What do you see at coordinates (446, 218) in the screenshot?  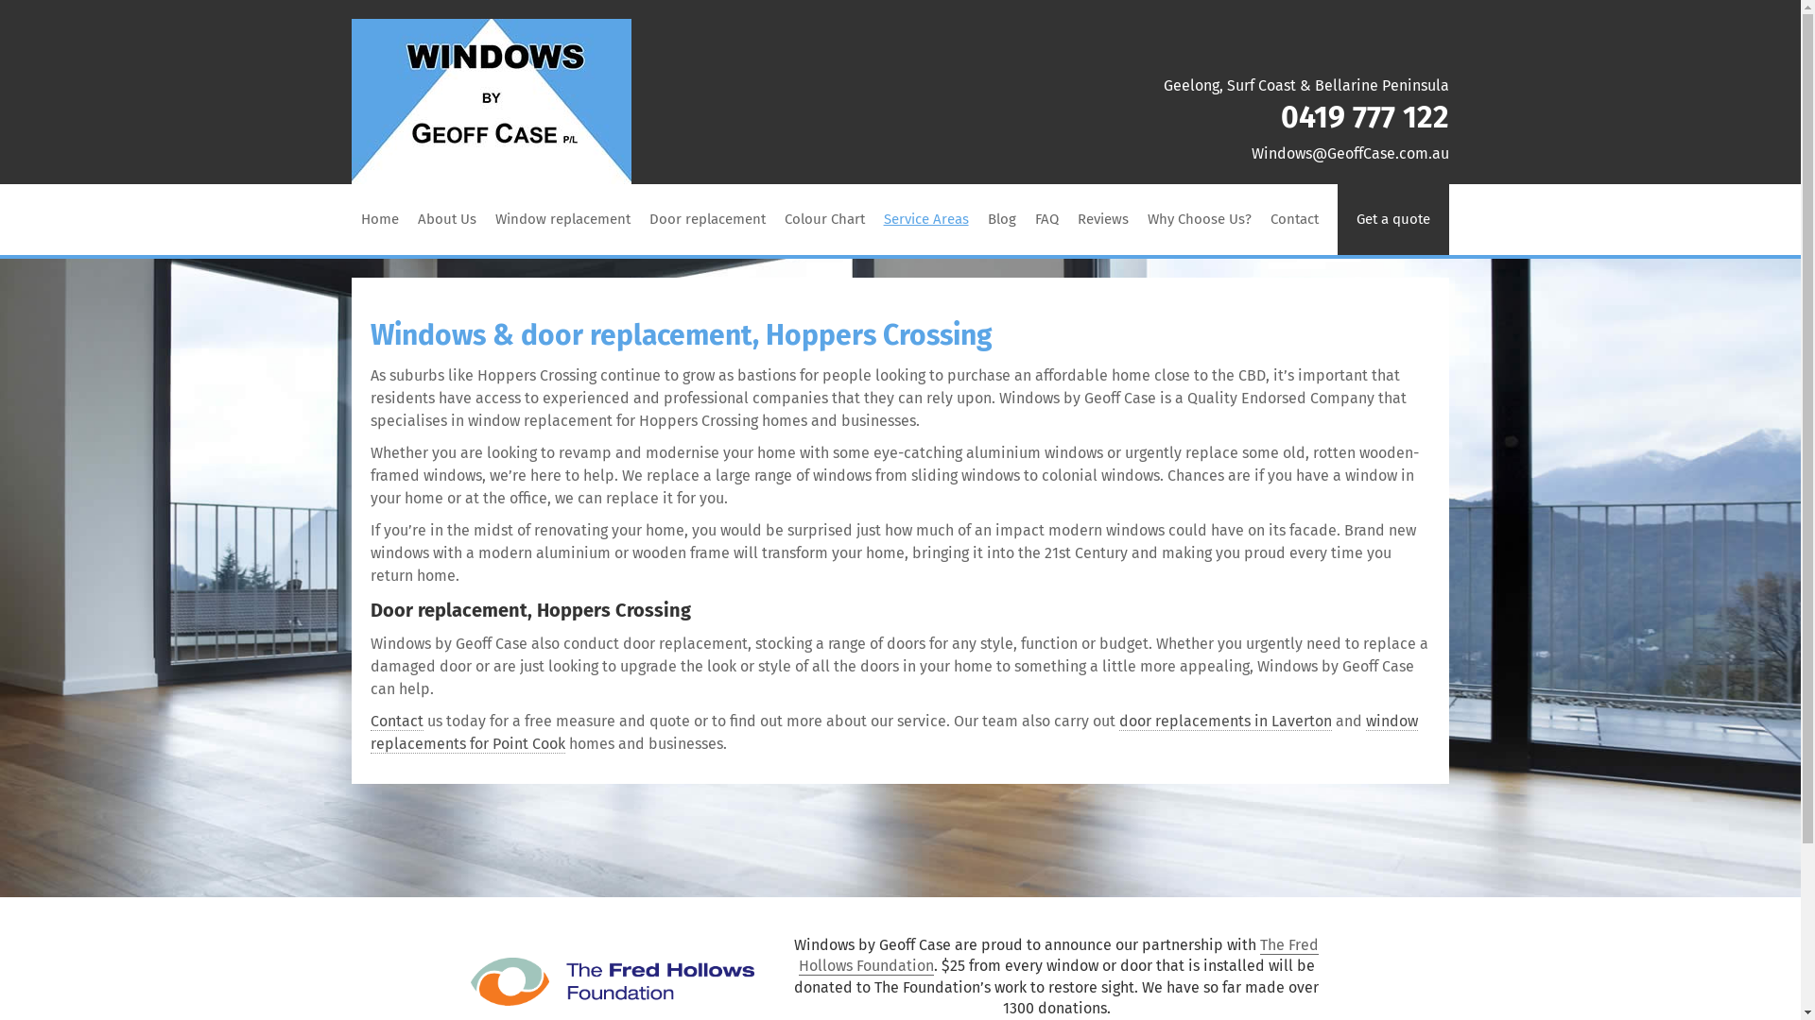 I see `'About Us'` at bounding box center [446, 218].